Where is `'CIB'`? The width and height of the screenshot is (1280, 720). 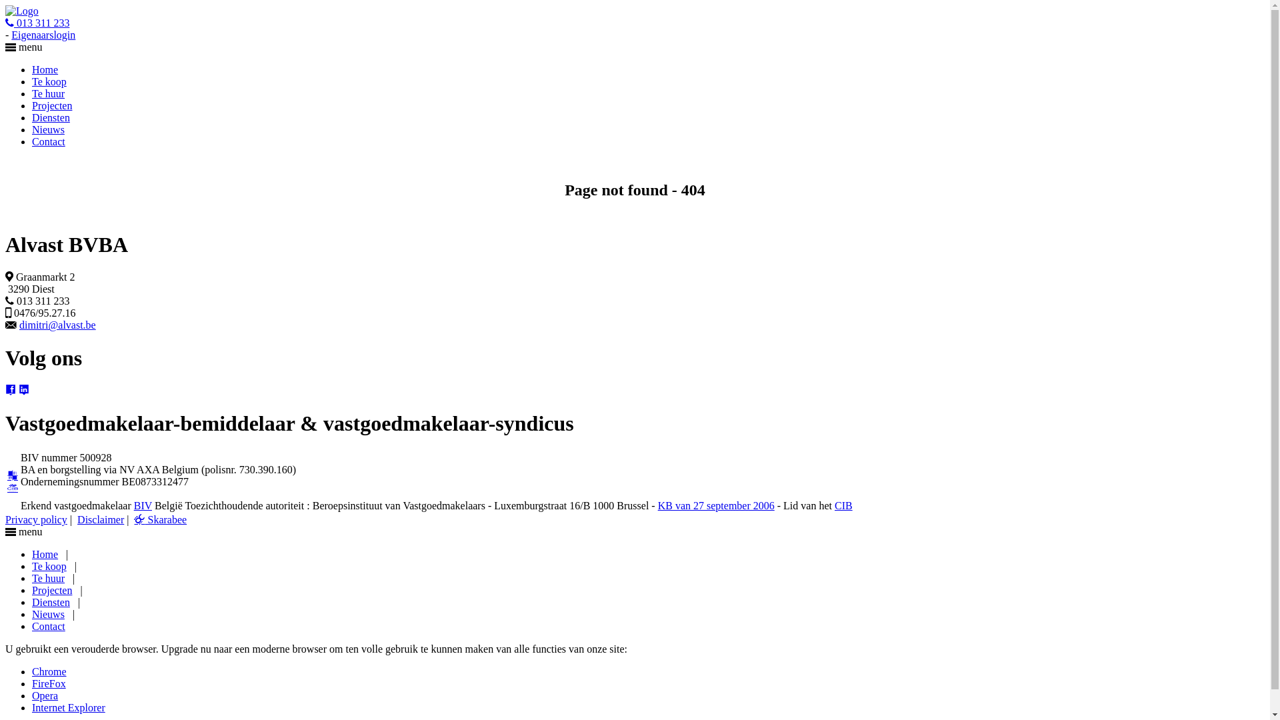
'CIB' is located at coordinates (834, 505).